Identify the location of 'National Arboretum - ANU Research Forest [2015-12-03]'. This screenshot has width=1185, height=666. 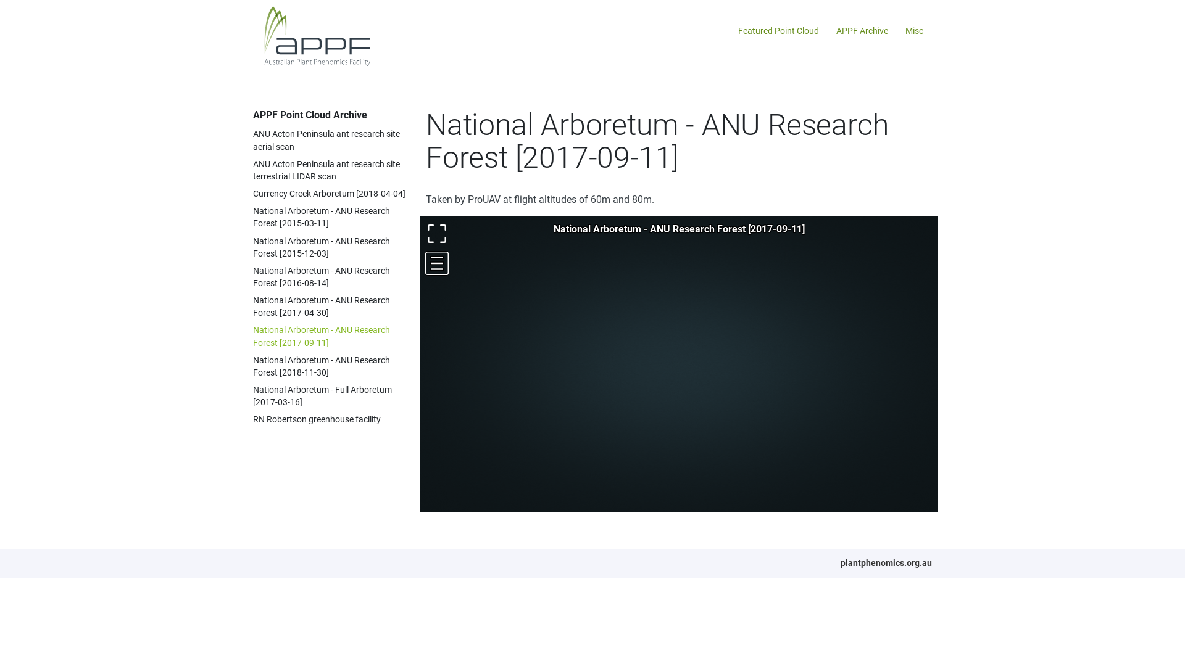
(322, 247).